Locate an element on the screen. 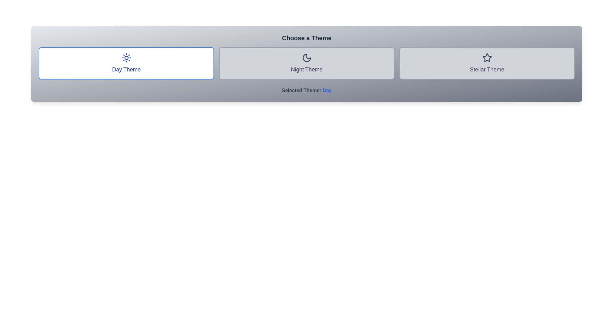 The width and height of the screenshot is (594, 334). the theme button corresponding to Day Theme is located at coordinates (126, 63).